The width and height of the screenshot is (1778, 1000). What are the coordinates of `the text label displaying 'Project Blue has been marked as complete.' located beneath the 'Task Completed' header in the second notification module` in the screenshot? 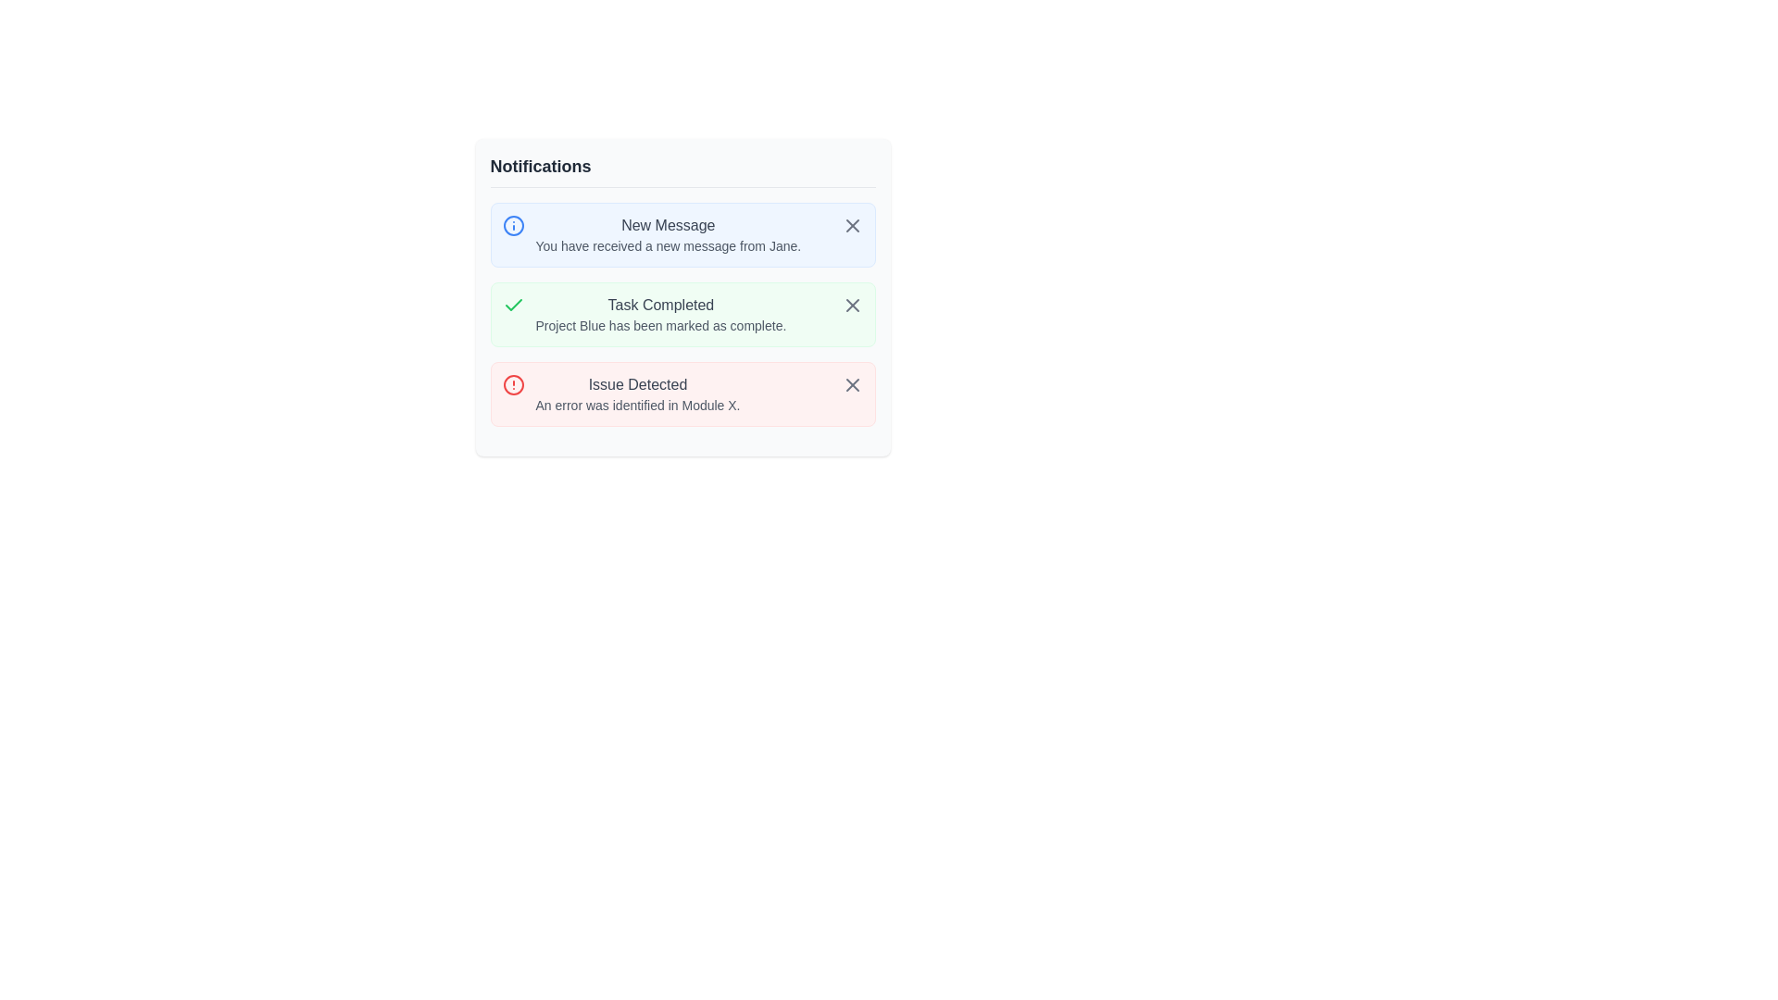 It's located at (660, 324).